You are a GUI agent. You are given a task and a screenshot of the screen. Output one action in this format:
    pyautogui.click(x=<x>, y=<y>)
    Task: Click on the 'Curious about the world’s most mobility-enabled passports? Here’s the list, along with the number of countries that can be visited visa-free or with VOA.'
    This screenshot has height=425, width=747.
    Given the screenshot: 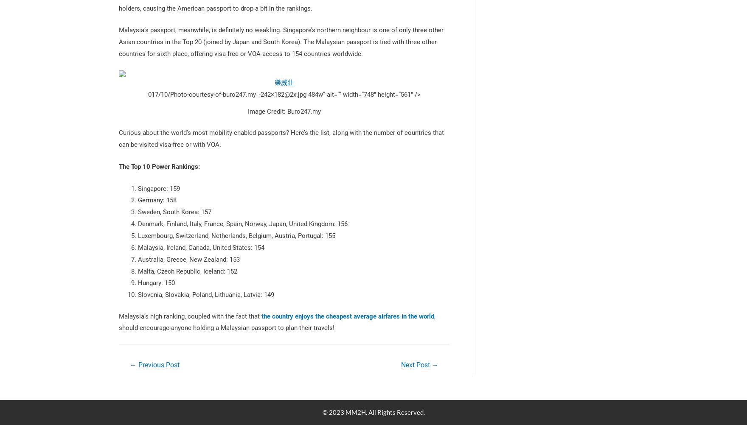 What is the action you would take?
    pyautogui.click(x=281, y=138)
    